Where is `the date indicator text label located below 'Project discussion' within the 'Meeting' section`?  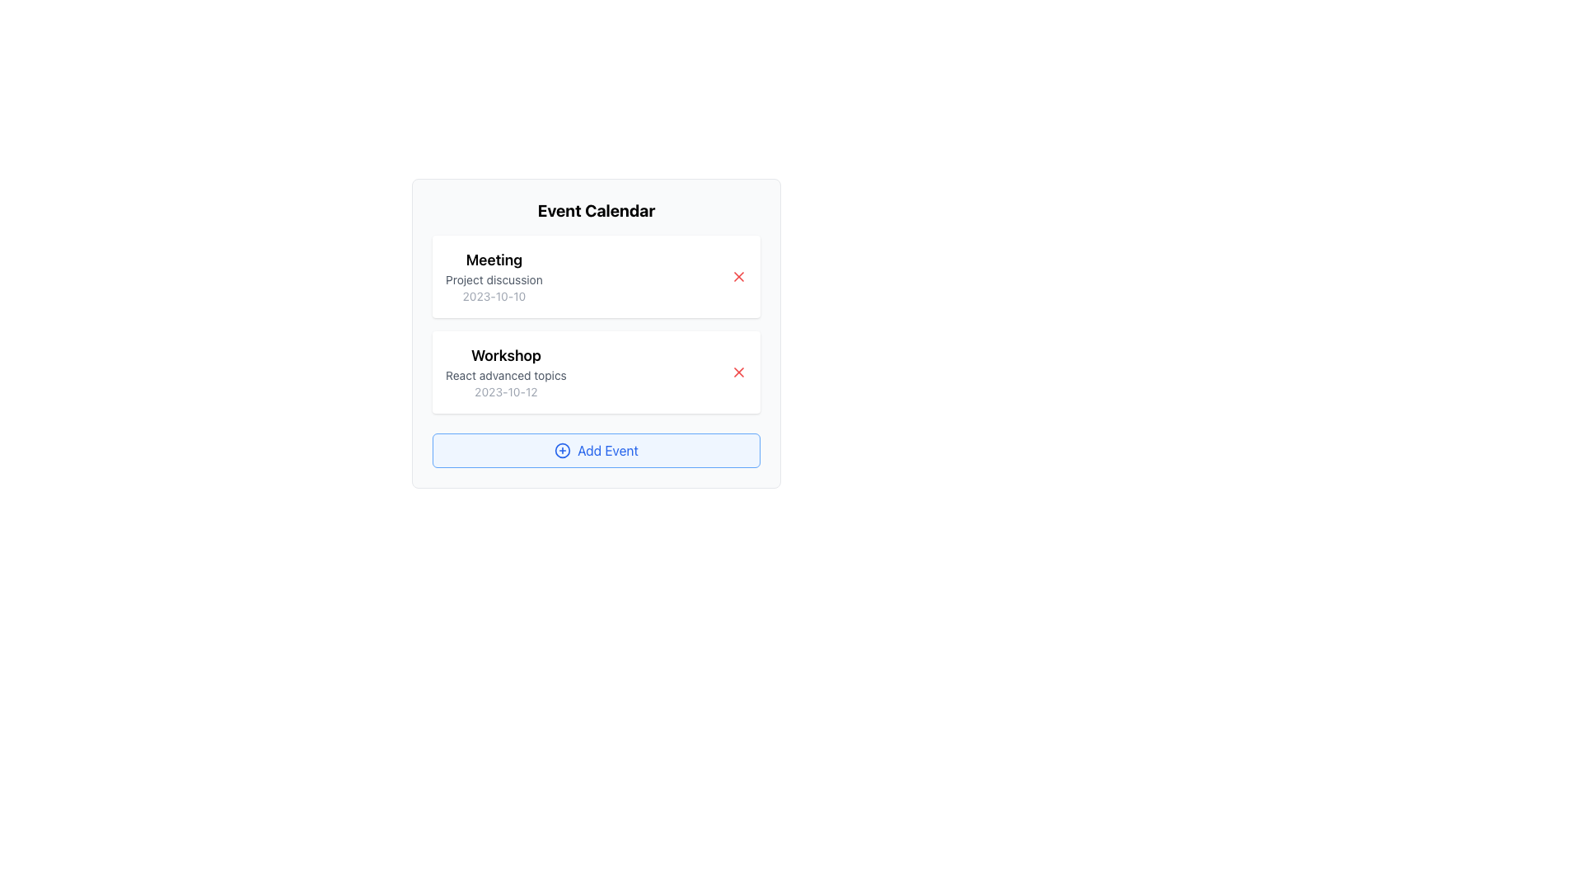 the date indicator text label located below 'Project discussion' within the 'Meeting' section is located at coordinates (494, 295).